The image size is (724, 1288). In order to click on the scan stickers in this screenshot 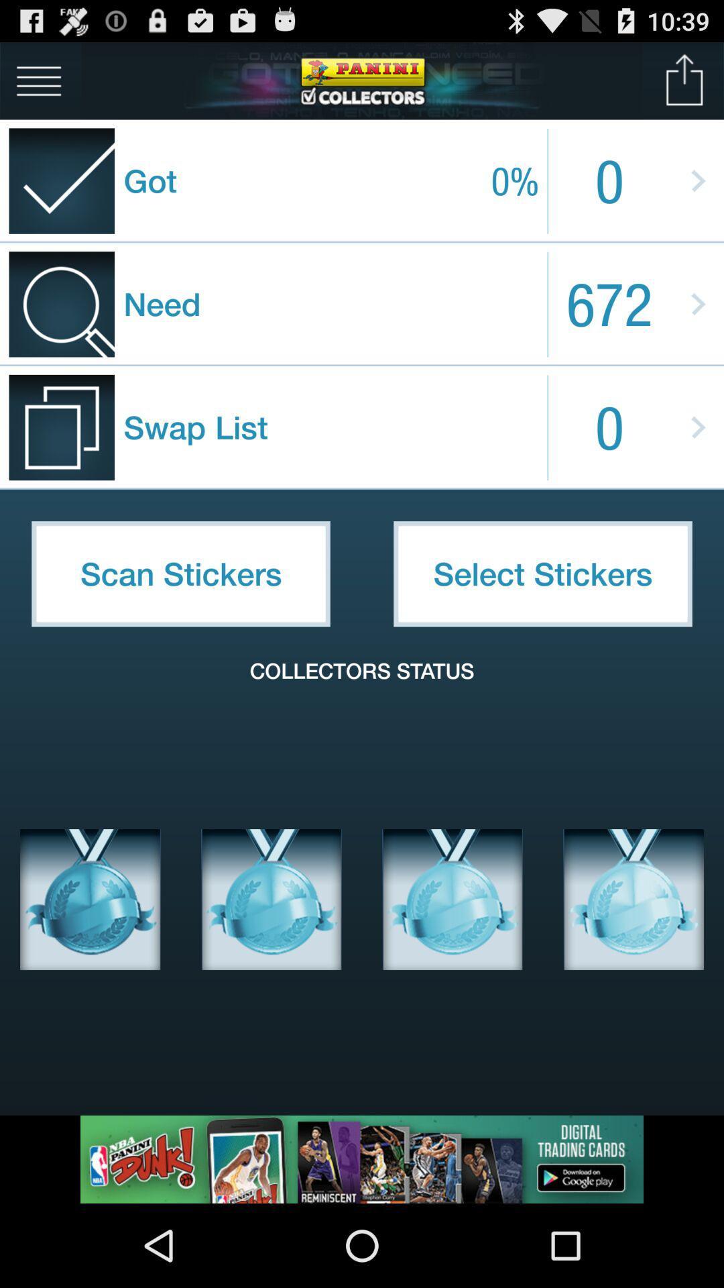, I will do `click(181, 574)`.